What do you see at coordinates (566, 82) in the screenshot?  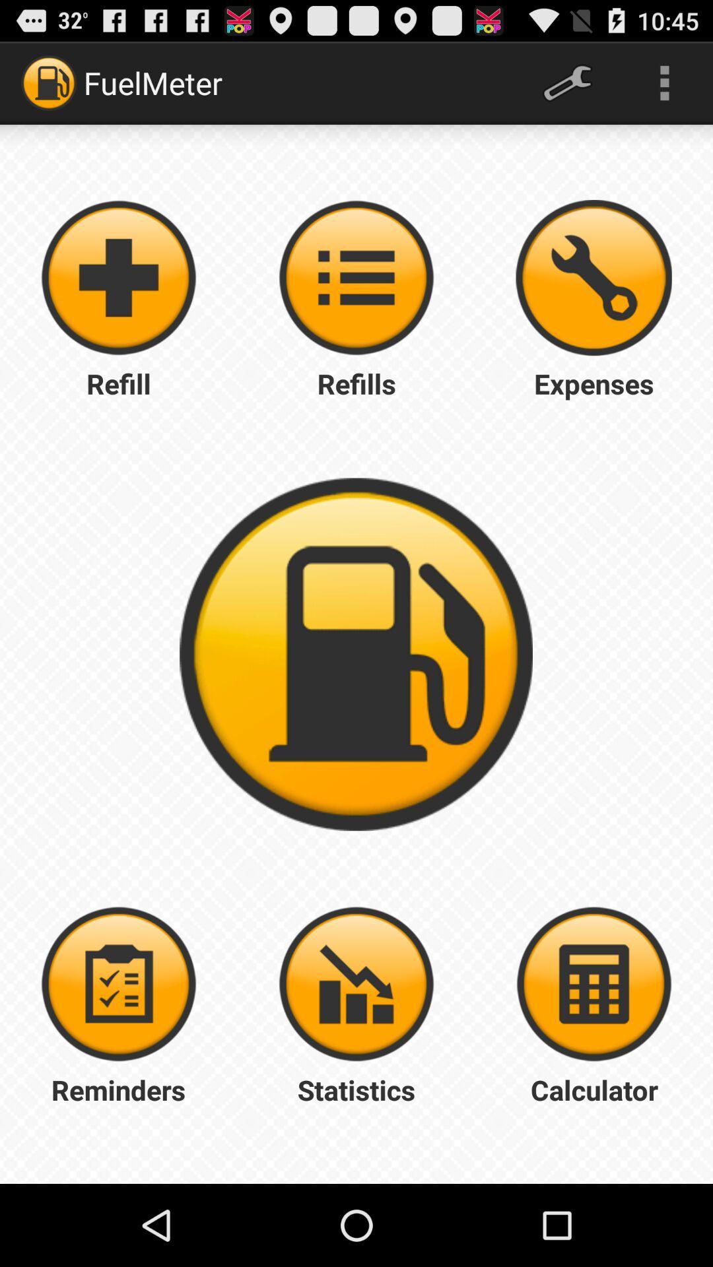 I see `the app next to the fuelmeter app` at bounding box center [566, 82].